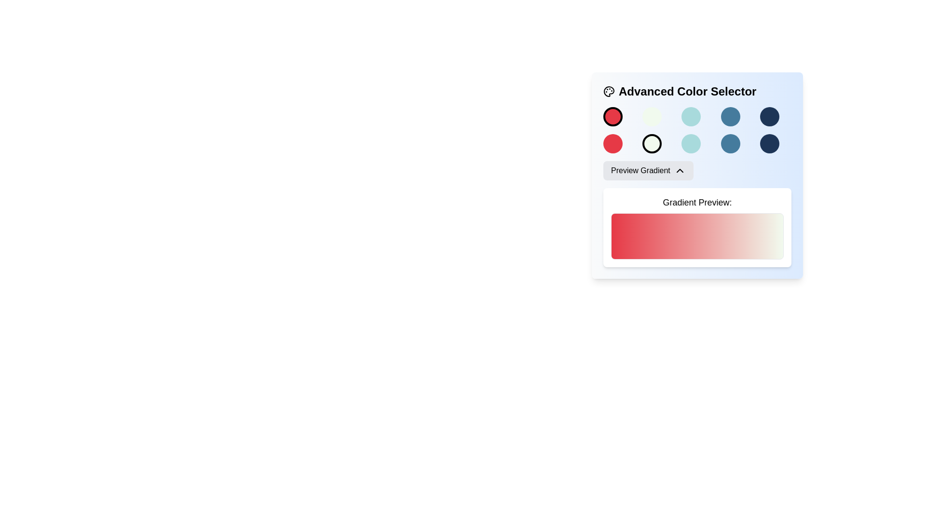  Describe the element at coordinates (679, 170) in the screenshot. I see `the dropdown toggle icon located to the right of the 'Preview Gradient' text` at that location.